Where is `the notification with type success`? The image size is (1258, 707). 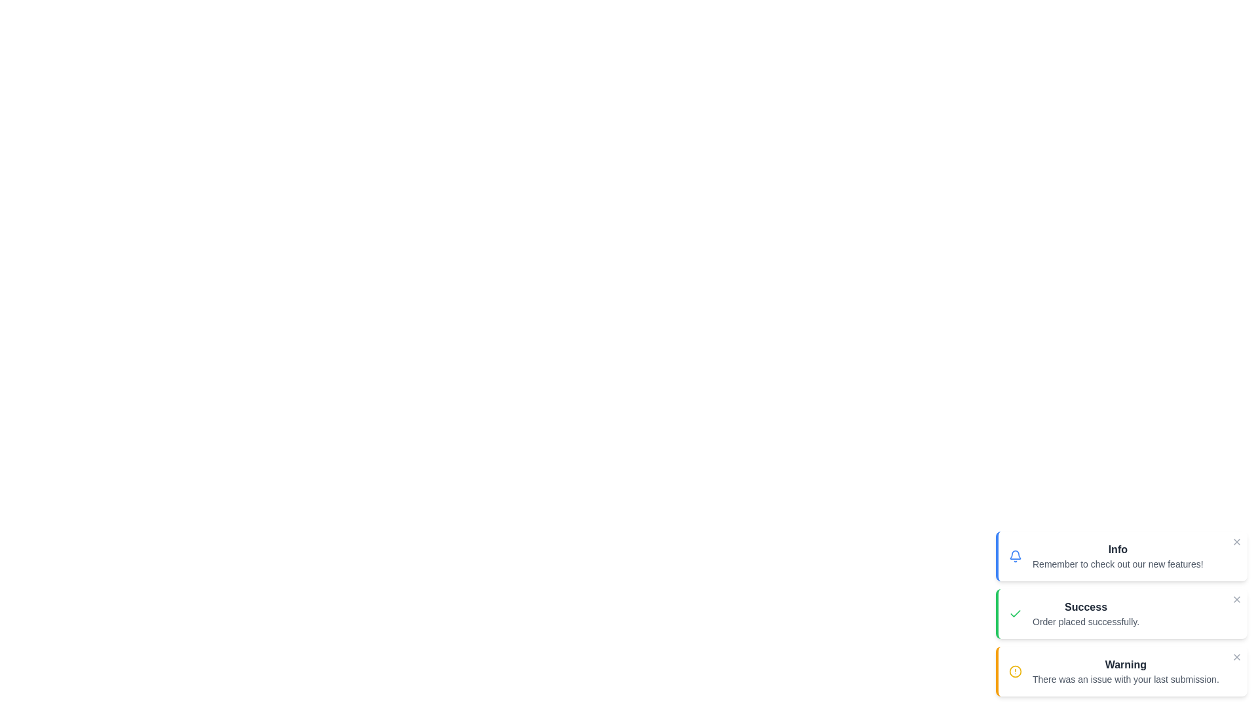 the notification with type success is located at coordinates (1121, 613).